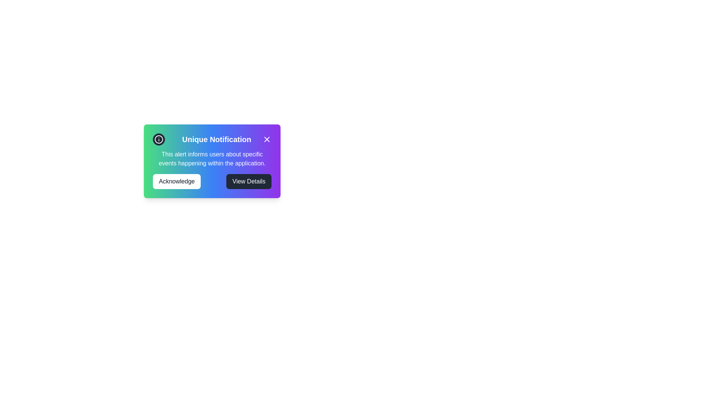 This screenshot has width=723, height=406. Describe the element at coordinates (249, 181) in the screenshot. I see `the 'View Details' button to view the details of the notification` at that location.